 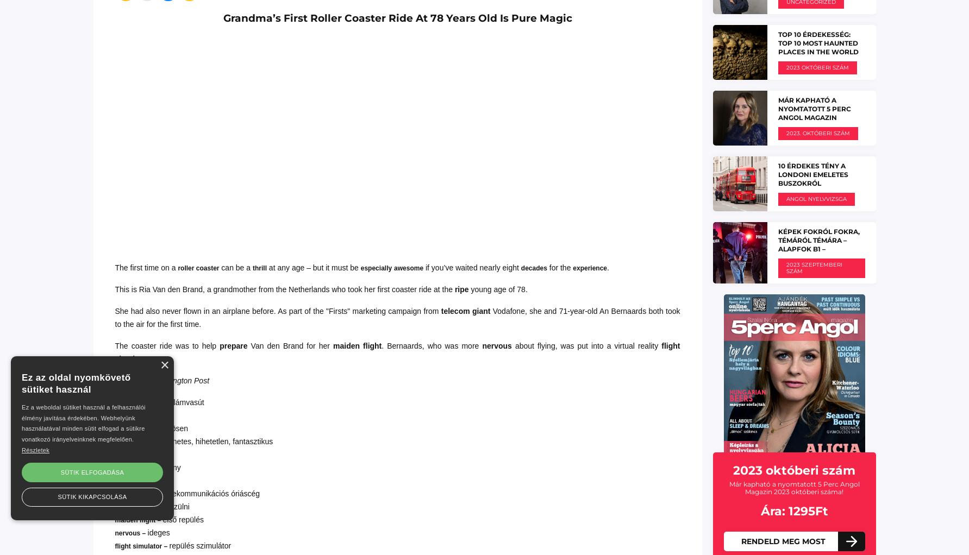 What do you see at coordinates (461, 288) in the screenshot?
I see `'ripe'` at bounding box center [461, 288].